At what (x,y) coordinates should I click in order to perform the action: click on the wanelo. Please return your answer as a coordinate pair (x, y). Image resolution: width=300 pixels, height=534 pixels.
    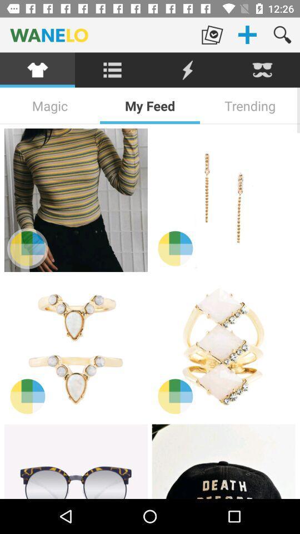
    Looking at the image, I should click on (97, 34).